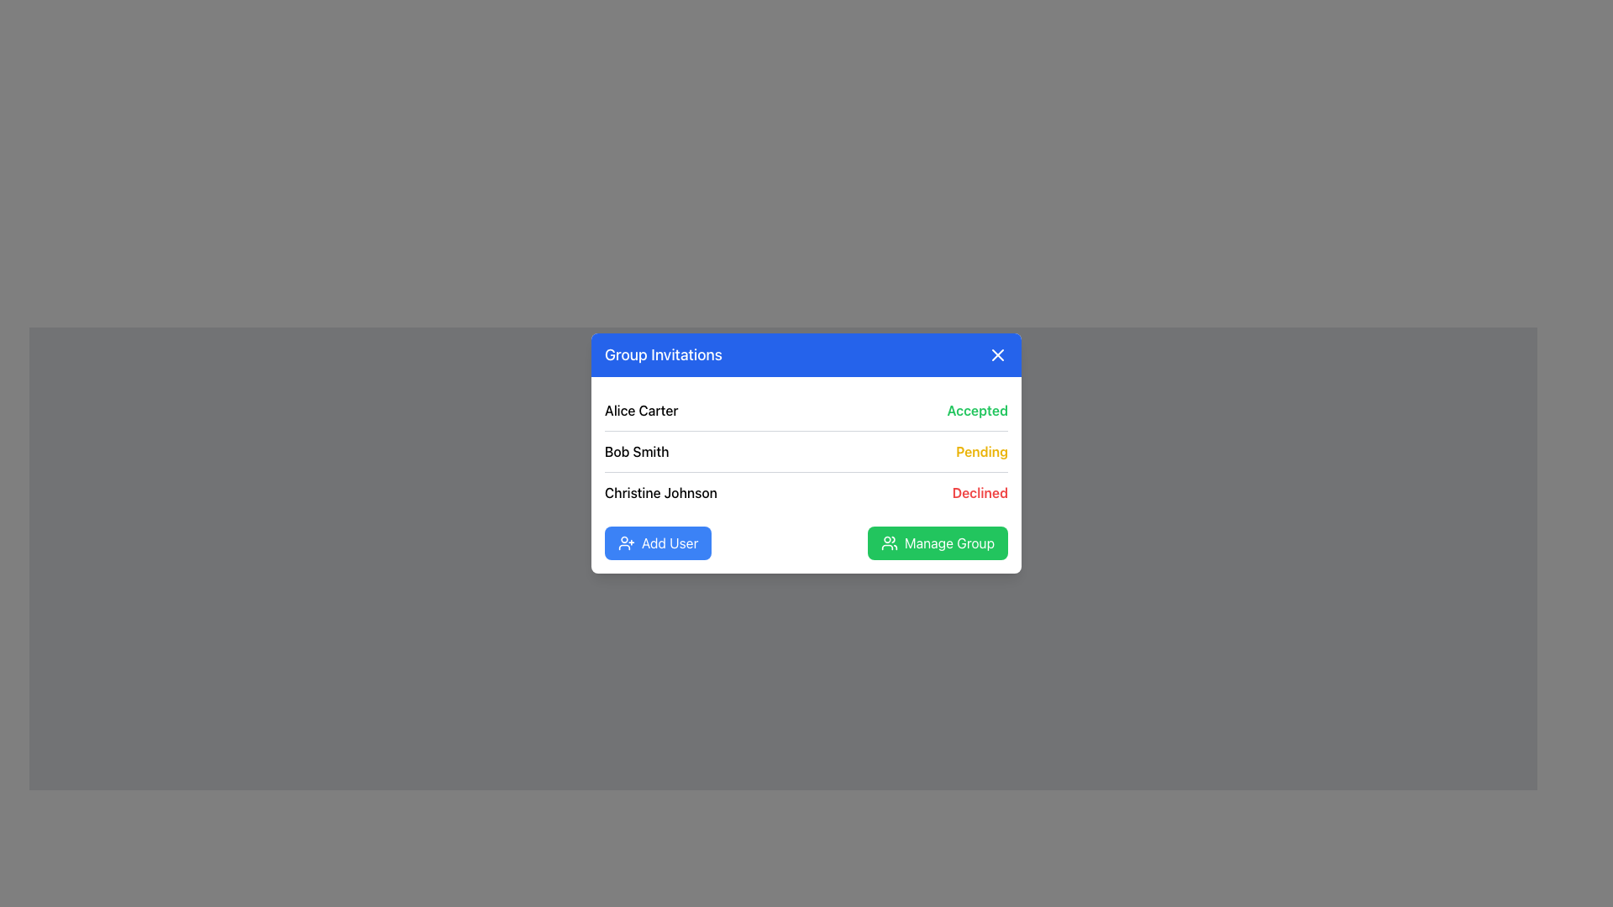  What do you see at coordinates (982, 450) in the screenshot?
I see `the static text displaying 'Pending' next to 'Bob Smith' in the 'Group Invitations' interface` at bounding box center [982, 450].